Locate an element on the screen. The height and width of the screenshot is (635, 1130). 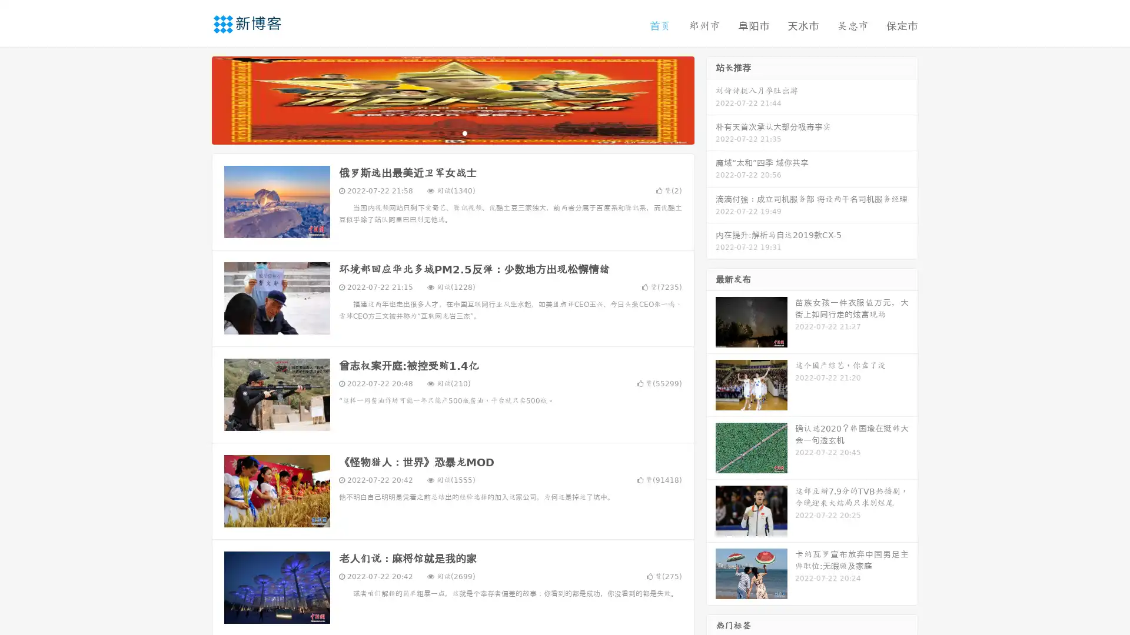
Go to slide 3 is located at coordinates (464, 132).